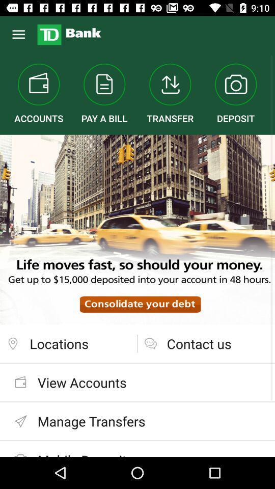 The height and width of the screenshot is (489, 275). I want to click on the icon above the view accounts icon, so click(68, 343).